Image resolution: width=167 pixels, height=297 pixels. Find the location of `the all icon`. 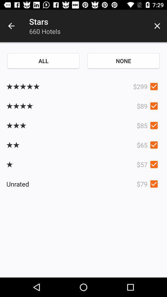

the all icon is located at coordinates (43, 61).